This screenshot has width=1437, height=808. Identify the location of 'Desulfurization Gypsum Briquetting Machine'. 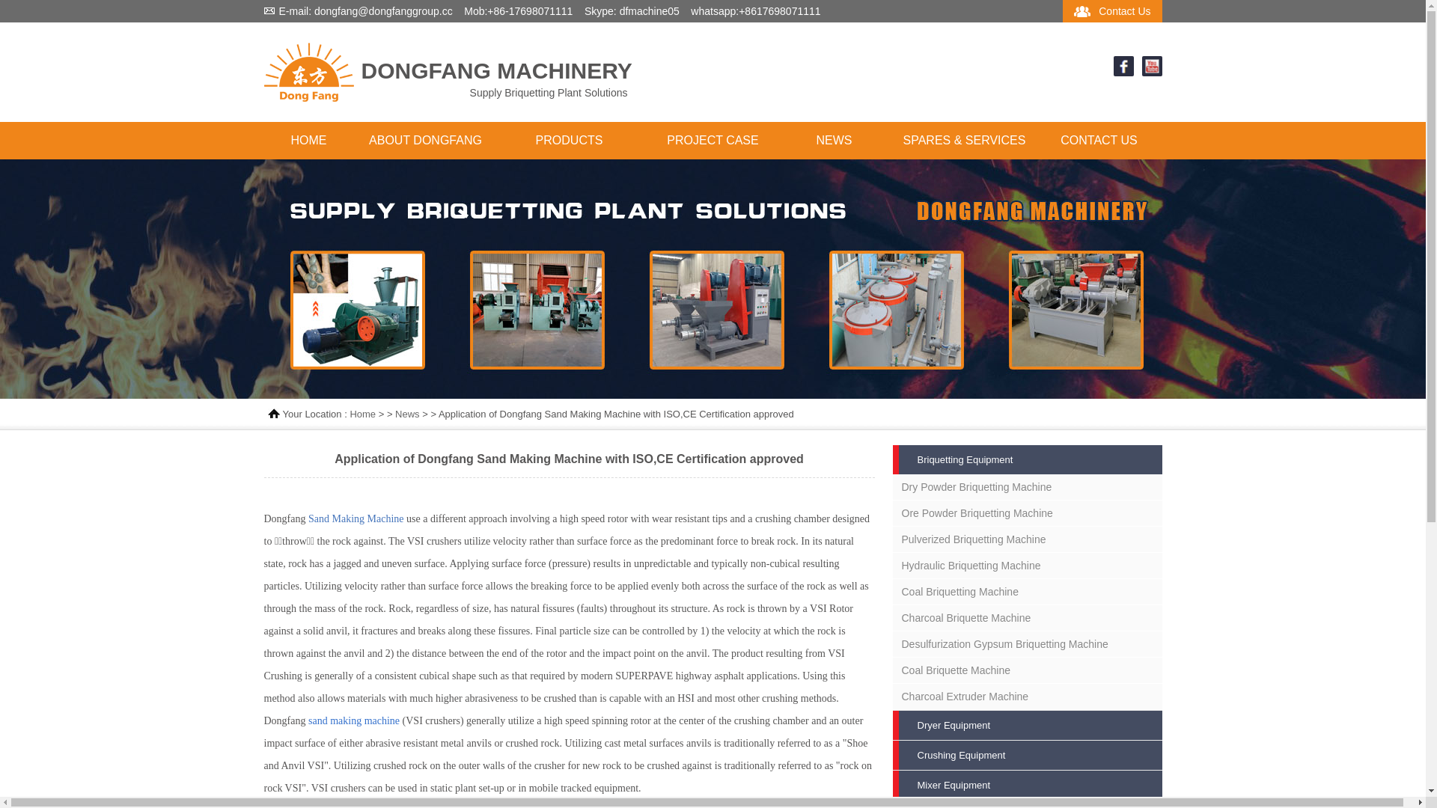
(1026, 643).